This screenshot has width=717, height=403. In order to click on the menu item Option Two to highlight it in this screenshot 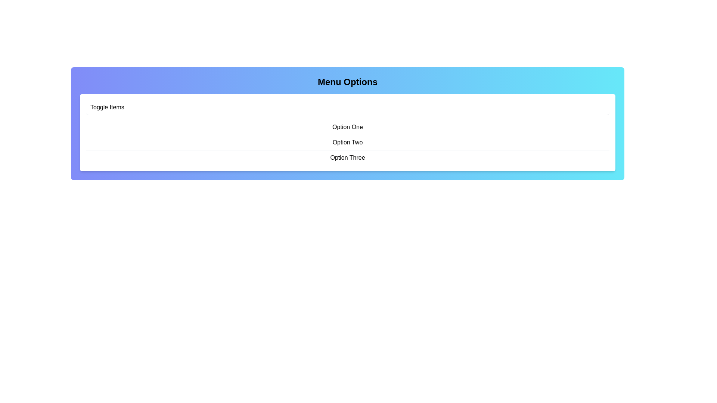, I will do `click(347, 142)`.